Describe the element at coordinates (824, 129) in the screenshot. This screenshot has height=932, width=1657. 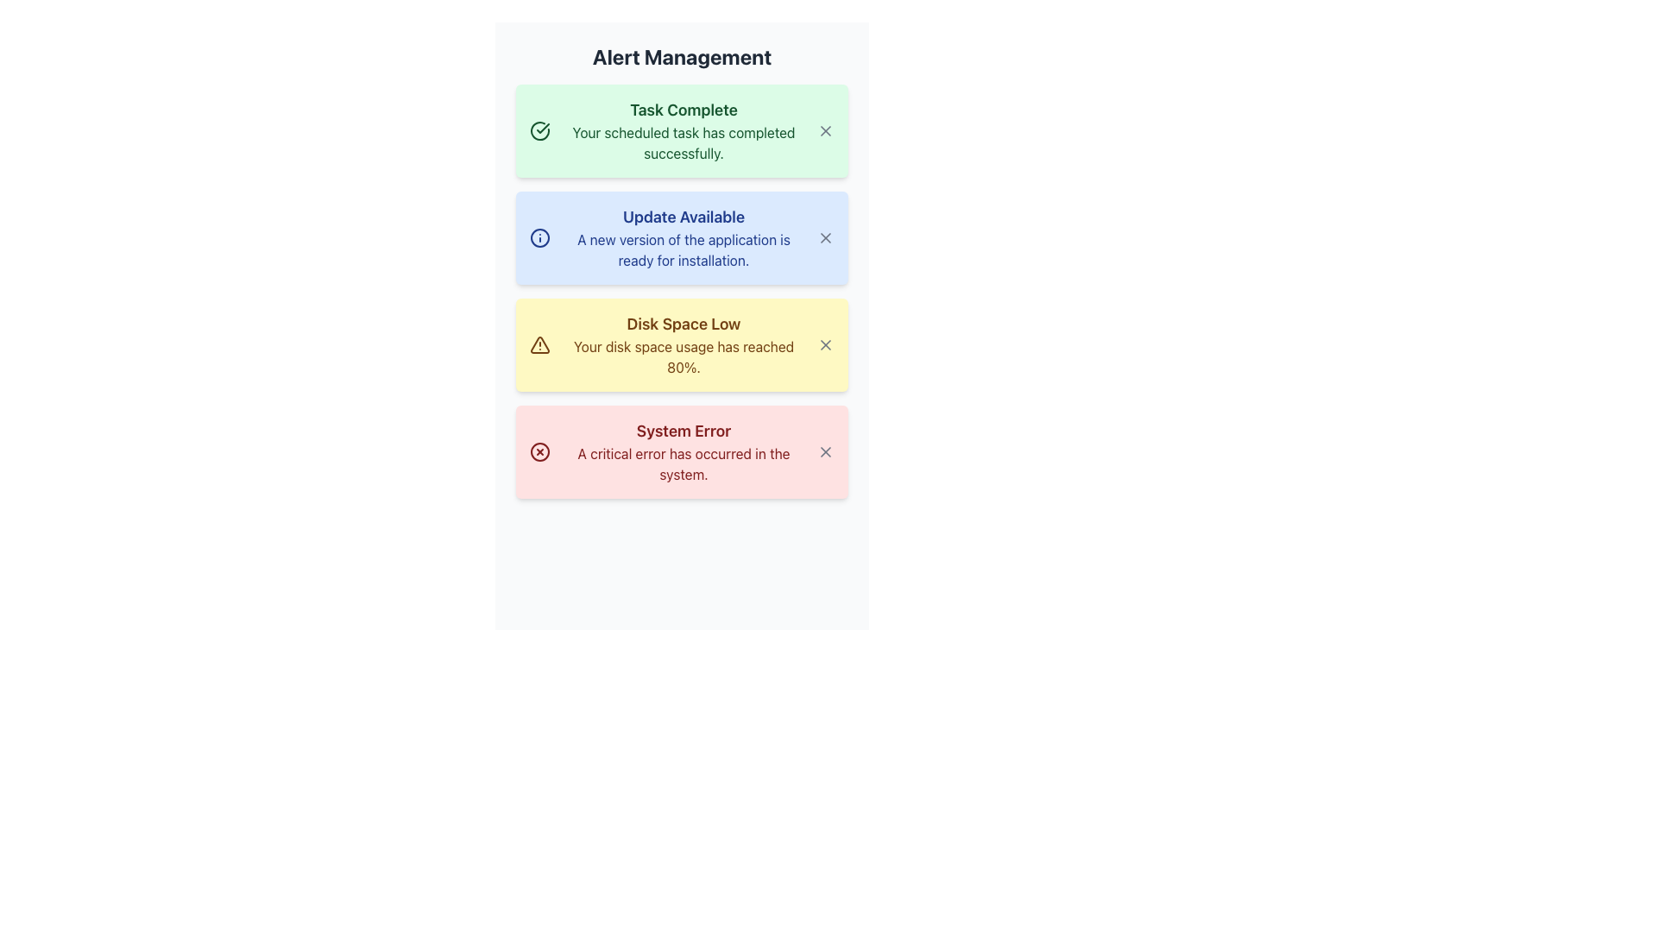
I see `the dismiss icon located on the far right of the 'Task Complete' alert box` at that location.